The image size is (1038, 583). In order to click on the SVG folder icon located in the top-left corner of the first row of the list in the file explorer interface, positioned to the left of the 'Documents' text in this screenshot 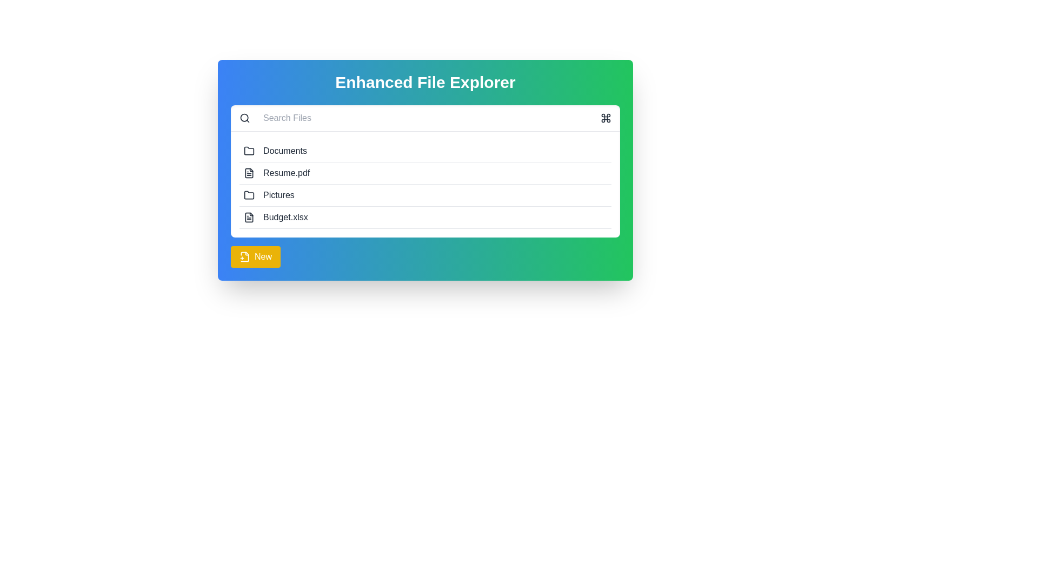, I will do `click(248, 150)`.